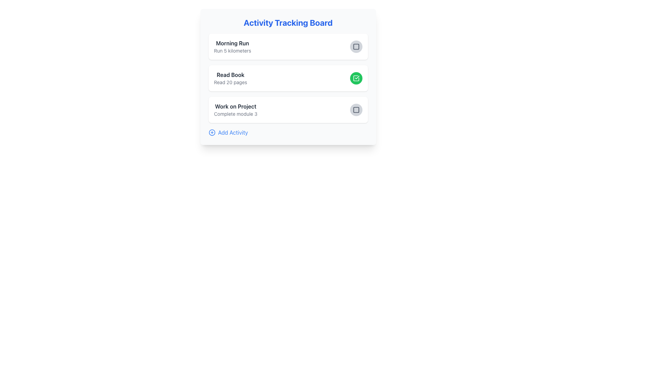 This screenshot has height=371, width=659. What do you see at coordinates (233, 132) in the screenshot?
I see `the Text Label displaying 'Add Activity' located to the right of the circular blue icon with a white plus sign` at bounding box center [233, 132].